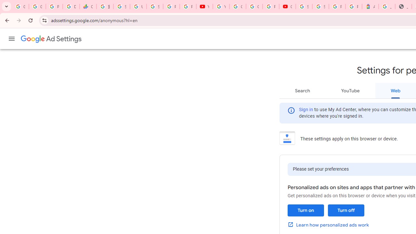 The width and height of the screenshot is (416, 234). I want to click on 'Google Workspace Admin Community', so click(20, 6).